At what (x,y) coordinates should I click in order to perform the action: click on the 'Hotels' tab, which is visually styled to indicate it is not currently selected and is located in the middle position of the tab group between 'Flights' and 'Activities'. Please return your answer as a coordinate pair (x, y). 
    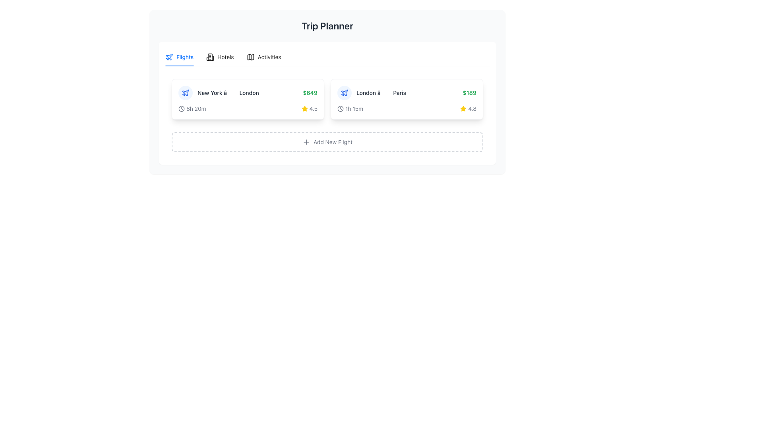
    Looking at the image, I should click on (220, 56).